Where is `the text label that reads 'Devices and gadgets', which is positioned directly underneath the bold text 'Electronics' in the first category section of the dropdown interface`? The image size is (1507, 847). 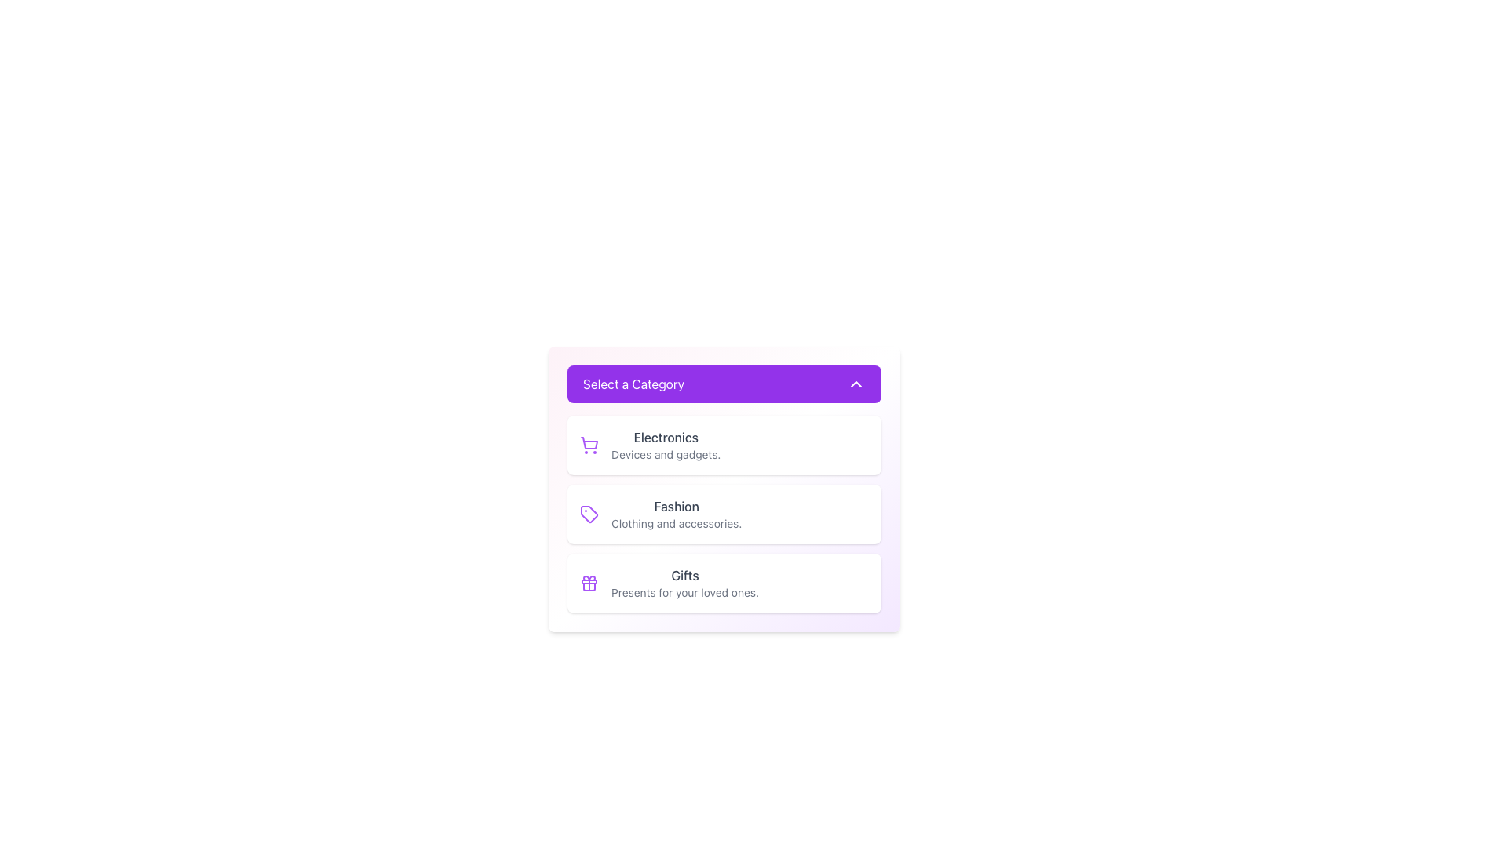 the text label that reads 'Devices and gadgets', which is positioned directly underneath the bold text 'Electronics' in the first category section of the dropdown interface is located at coordinates (666, 454).